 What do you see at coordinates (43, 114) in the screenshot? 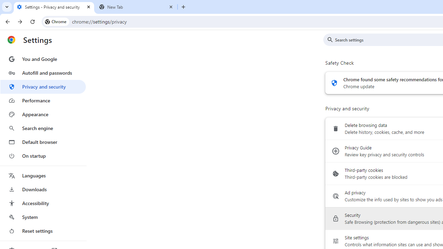
I see `'Appearance'` at bounding box center [43, 114].